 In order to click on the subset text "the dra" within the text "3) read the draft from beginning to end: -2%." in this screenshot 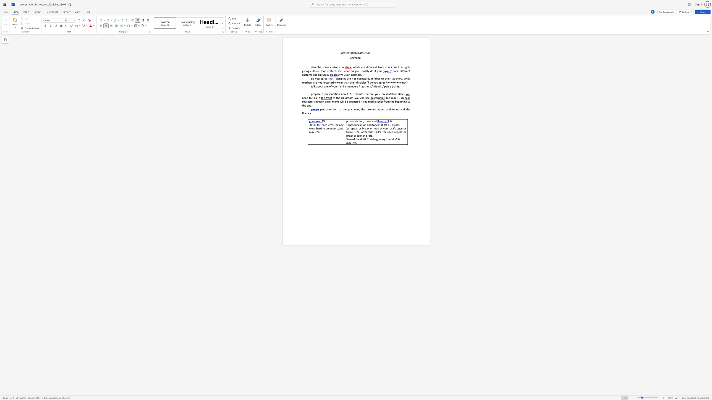, I will do `click(355, 139)`.